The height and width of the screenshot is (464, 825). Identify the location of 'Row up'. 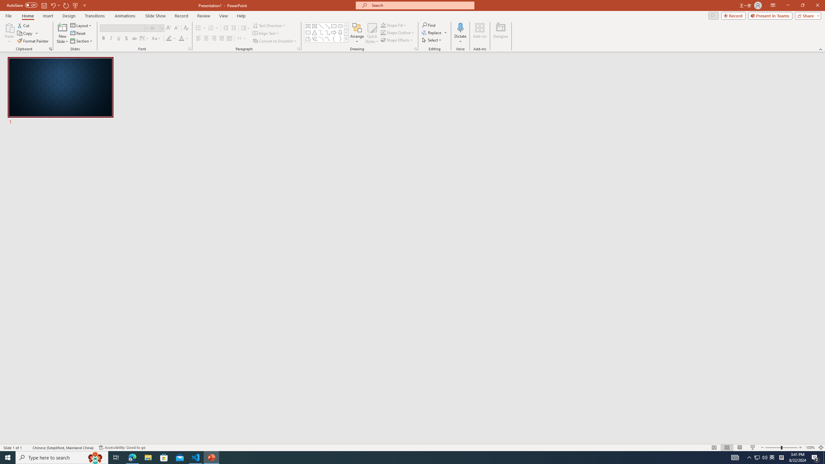
(346, 26).